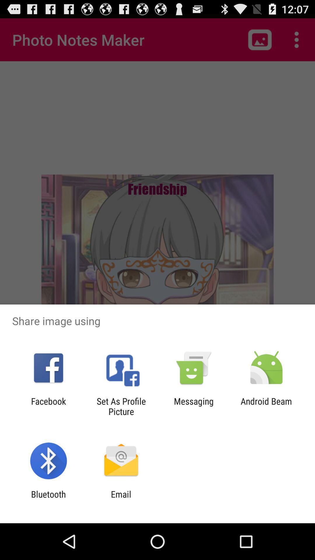  What do you see at coordinates (121, 406) in the screenshot?
I see `icon next to facebook` at bounding box center [121, 406].